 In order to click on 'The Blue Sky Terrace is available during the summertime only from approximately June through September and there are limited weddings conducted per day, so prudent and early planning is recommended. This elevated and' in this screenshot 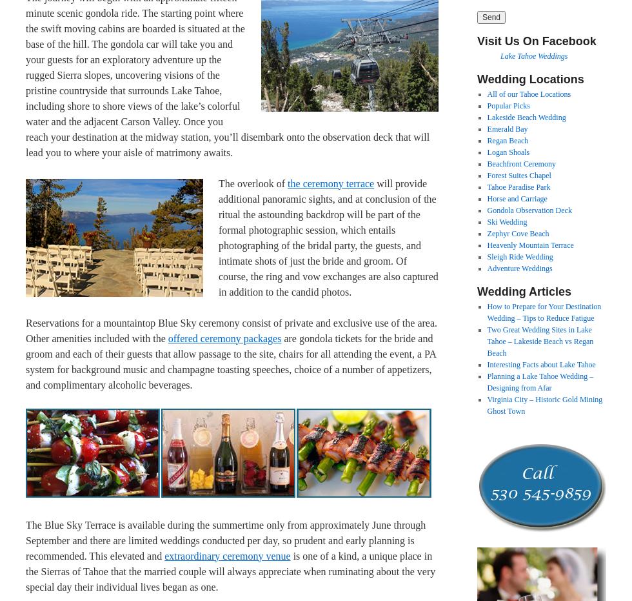, I will do `click(225, 539)`.